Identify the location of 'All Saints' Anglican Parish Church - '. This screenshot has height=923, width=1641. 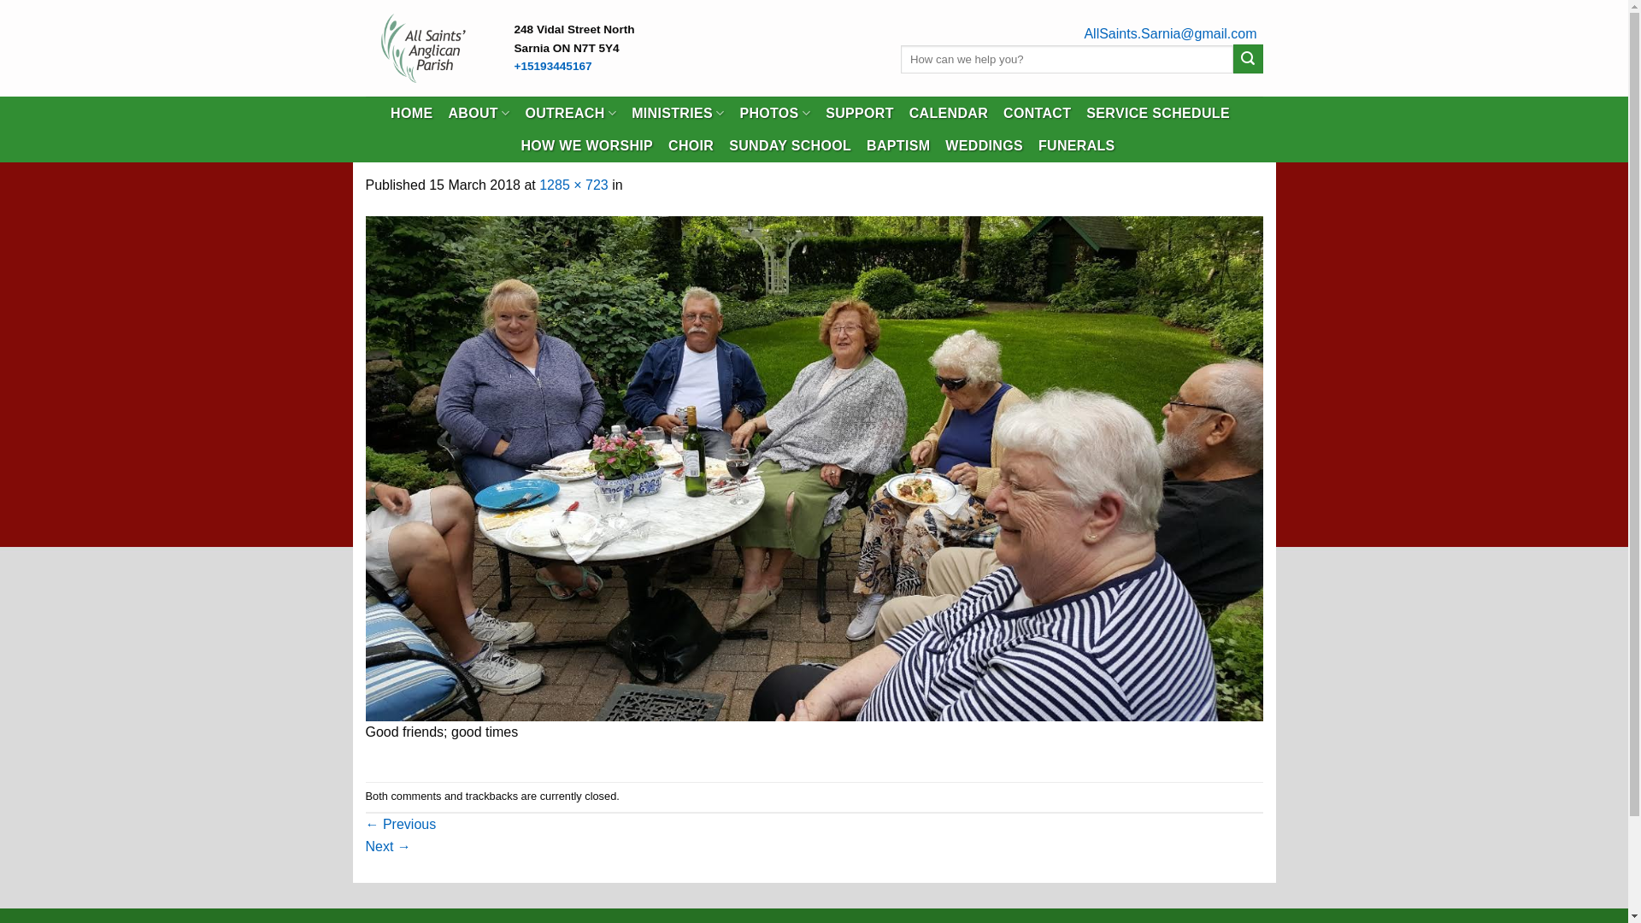
(426, 47).